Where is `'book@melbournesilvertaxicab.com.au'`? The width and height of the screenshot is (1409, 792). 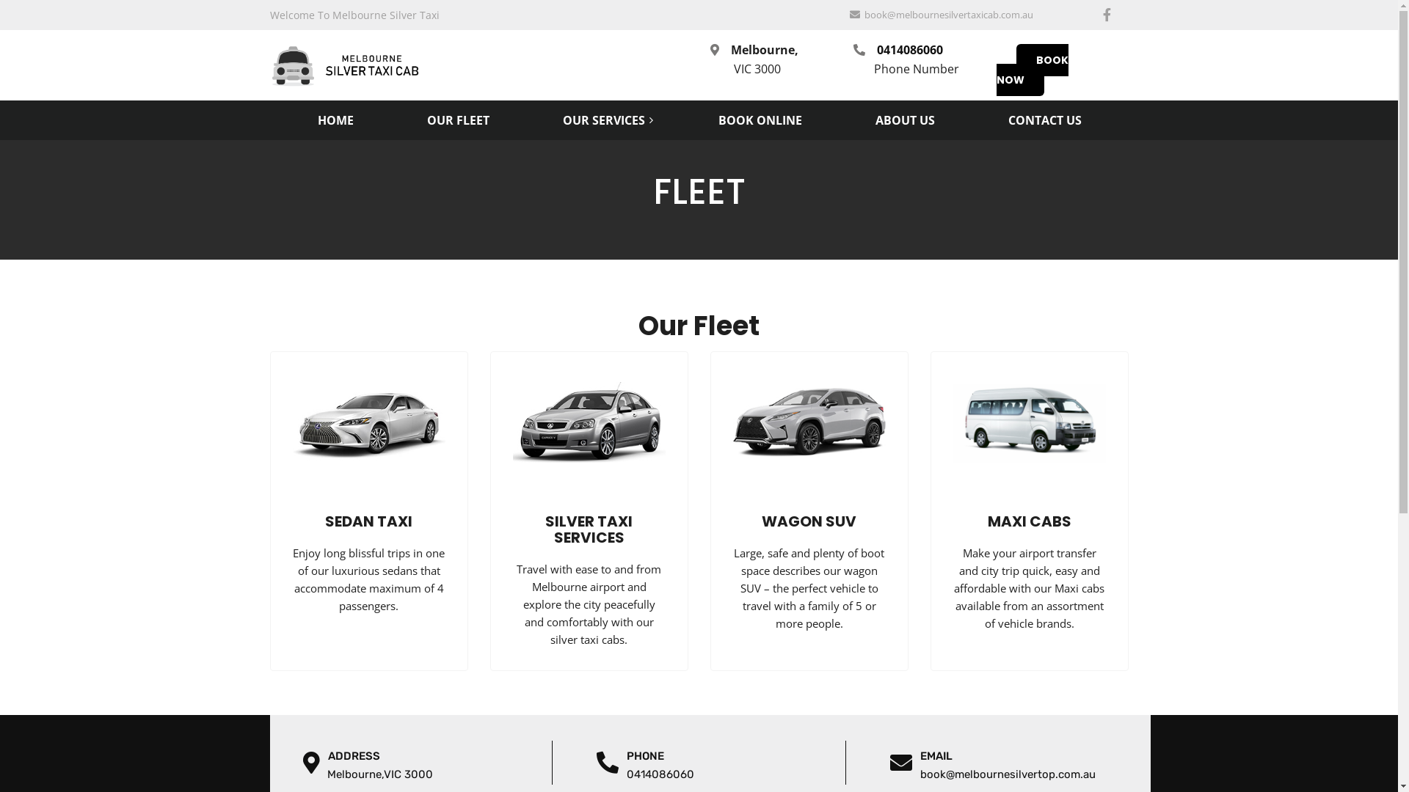 'book@melbournesilvertaxicab.com.au' is located at coordinates (948, 14).